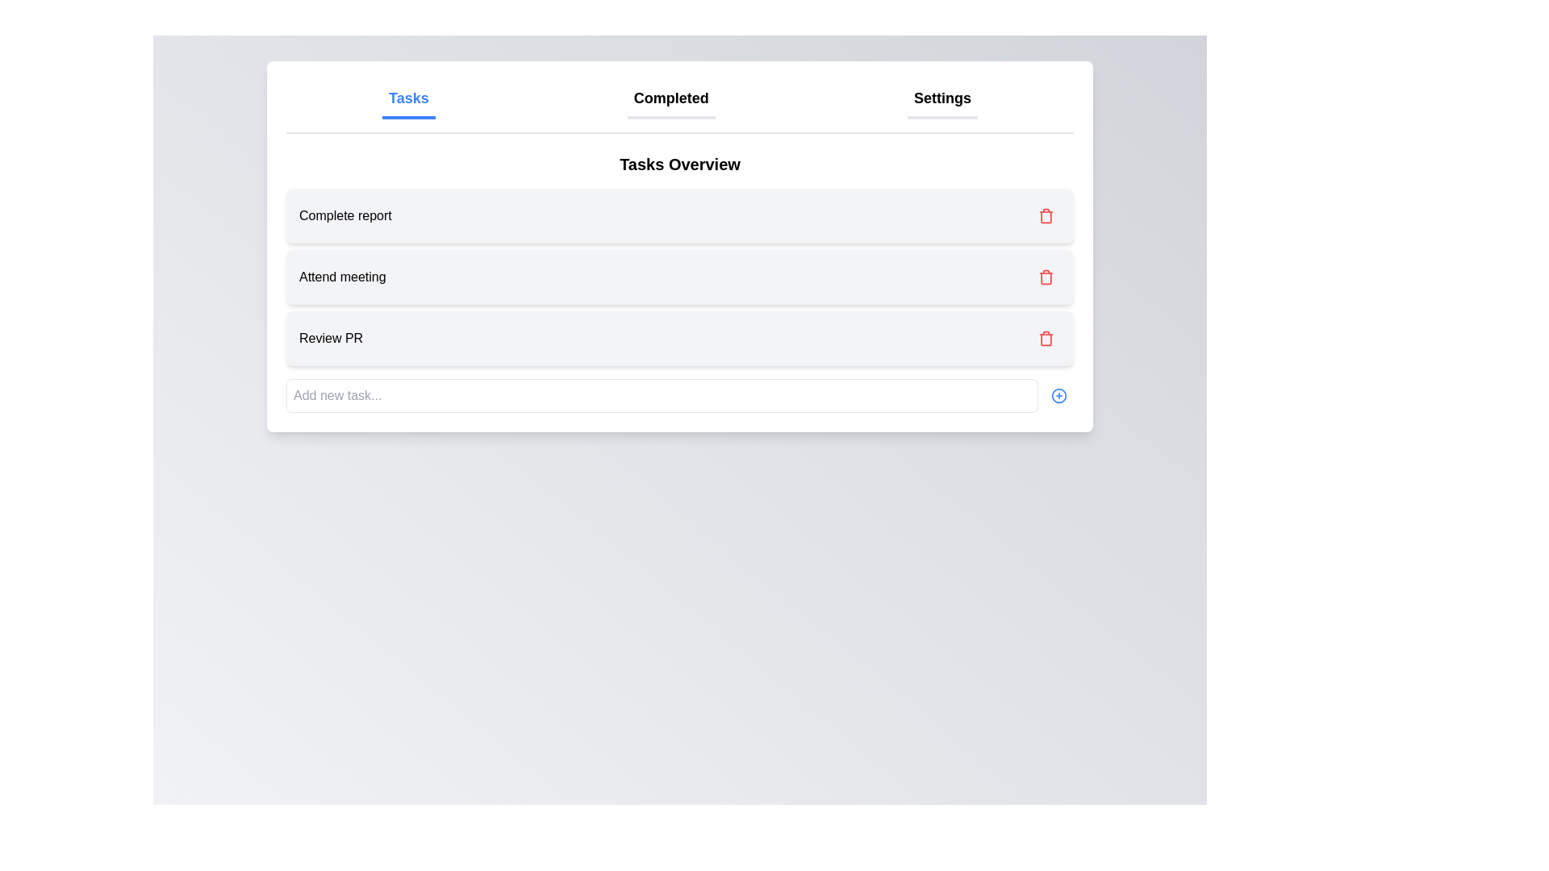 The image size is (1549, 871). Describe the element at coordinates (671, 99) in the screenshot. I see `the navigation label between 'Tasks' and 'Settings'` at that location.